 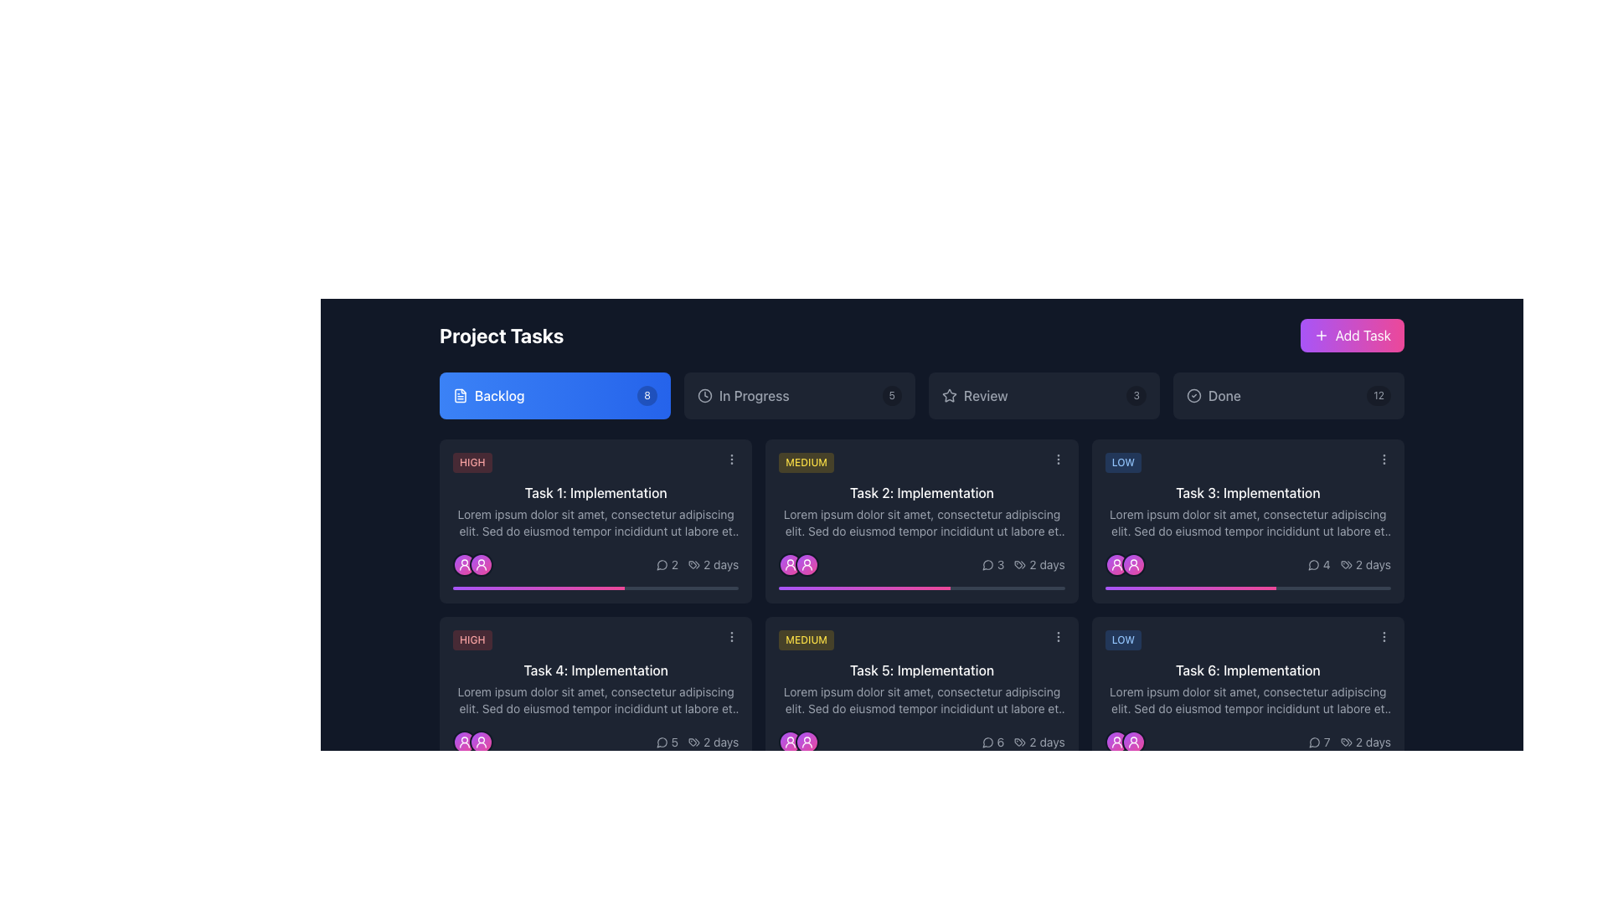 I want to click on the progress bar located at the bottom of the card labeled 'Task 3: Implementation' in the 'Done' section, which visually represents the task's completion percentage, so click(x=1248, y=587).